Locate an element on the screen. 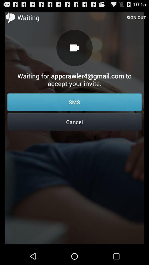 Image resolution: width=149 pixels, height=265 pixels. item above the cancel icon is located at coordinates (74, 102).